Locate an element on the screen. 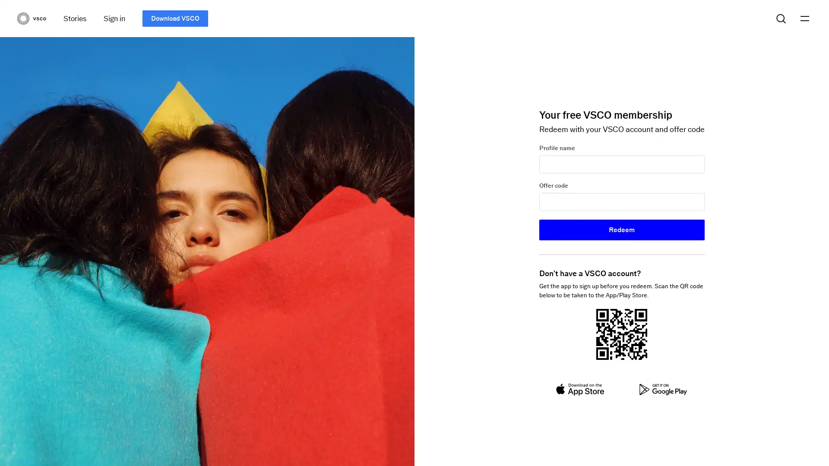 This screenshot has width=829, height=466. Redeem is located at coordinates (621, 229).